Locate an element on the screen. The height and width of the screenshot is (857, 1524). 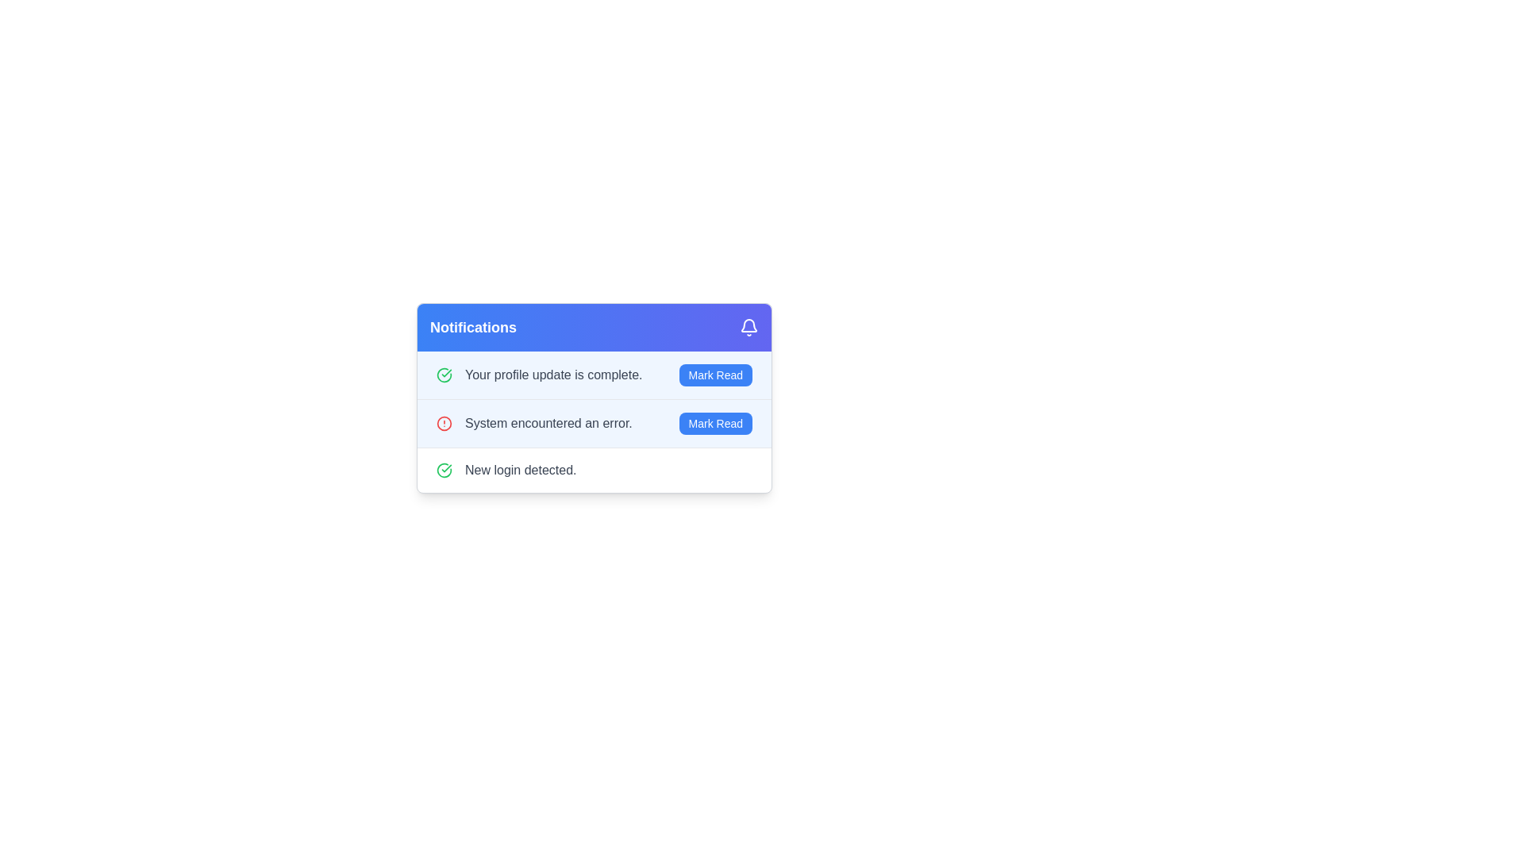
the notification item that indicates 'New login detected.' by moving the cursor to its center point is located at coordinates (593, 469).